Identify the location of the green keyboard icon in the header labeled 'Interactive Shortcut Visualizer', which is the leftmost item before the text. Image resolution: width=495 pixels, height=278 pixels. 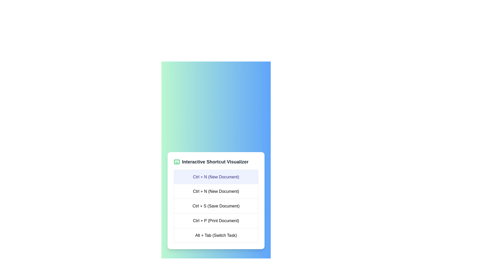
(177, 161).